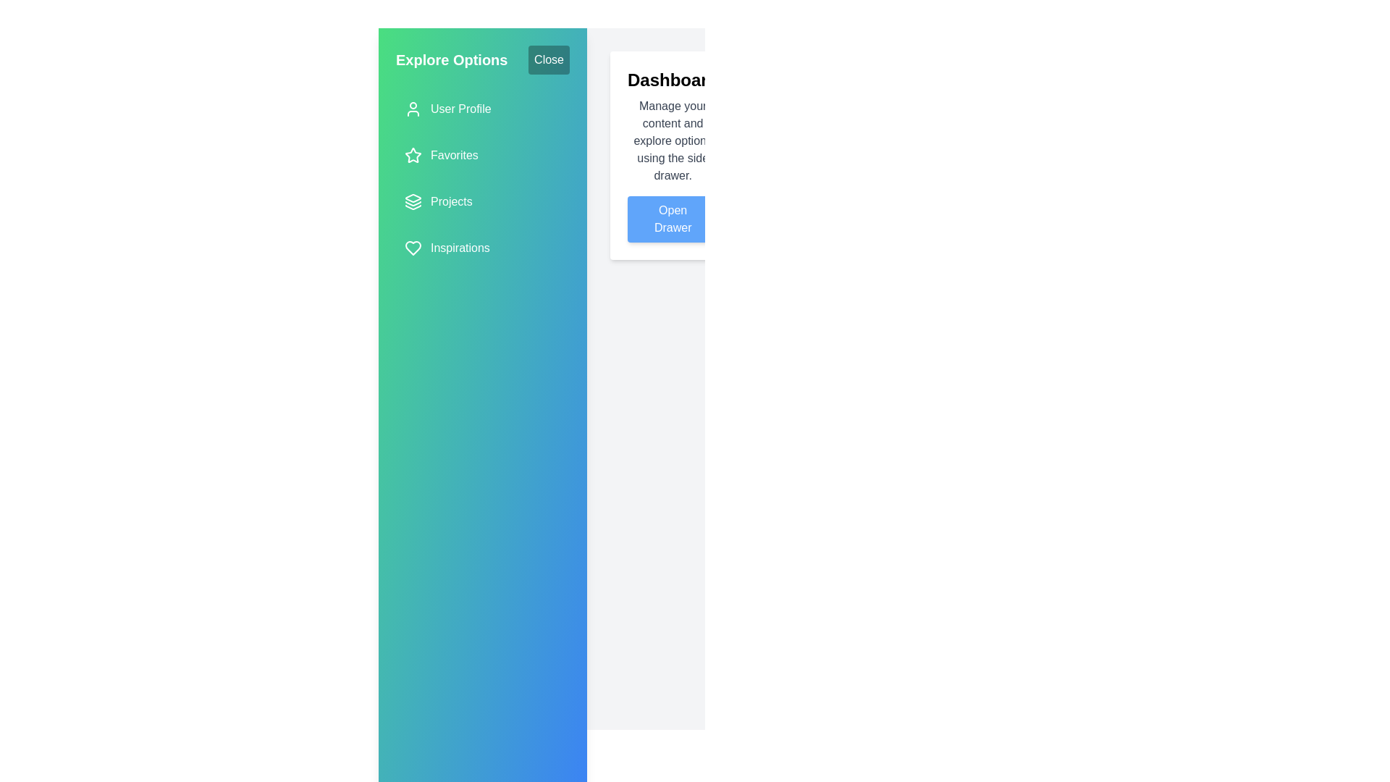 Image resolution: width=1390 pixels, height=782 pixels. Describe the element at coordinates (483, 156) in the screenshot. I see `the navigation item Favorites from the drawer` at that location.